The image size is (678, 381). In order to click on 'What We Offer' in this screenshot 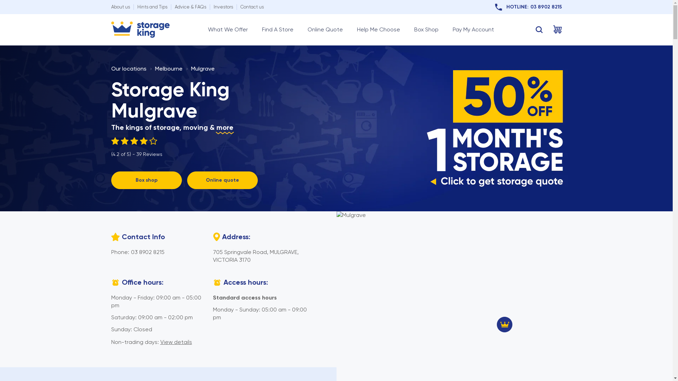, I will do `click(227, 29)`.